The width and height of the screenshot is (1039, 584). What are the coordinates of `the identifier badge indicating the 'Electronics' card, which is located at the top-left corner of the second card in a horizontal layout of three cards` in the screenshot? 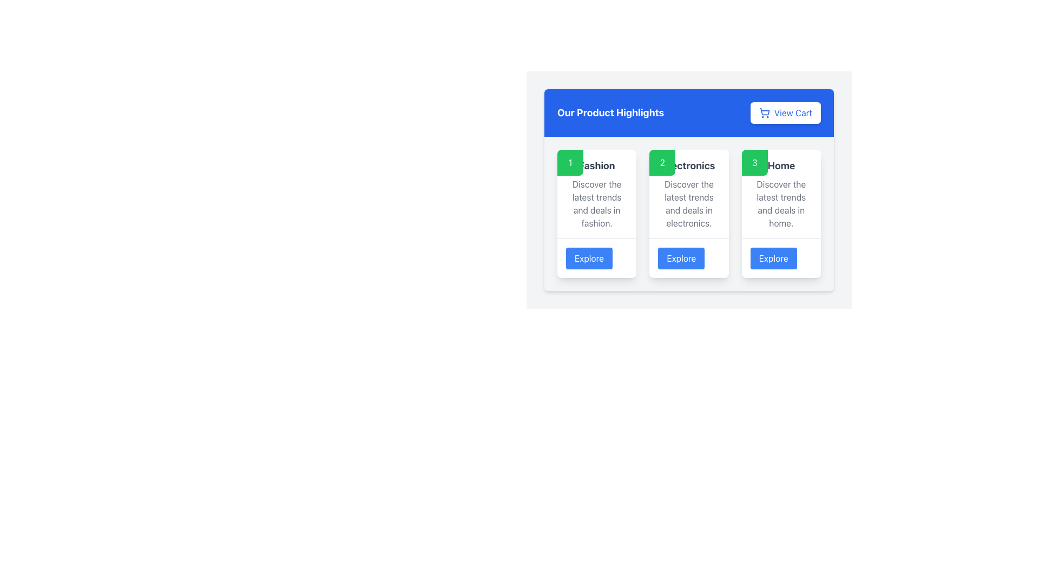 It's located at (662, 162).